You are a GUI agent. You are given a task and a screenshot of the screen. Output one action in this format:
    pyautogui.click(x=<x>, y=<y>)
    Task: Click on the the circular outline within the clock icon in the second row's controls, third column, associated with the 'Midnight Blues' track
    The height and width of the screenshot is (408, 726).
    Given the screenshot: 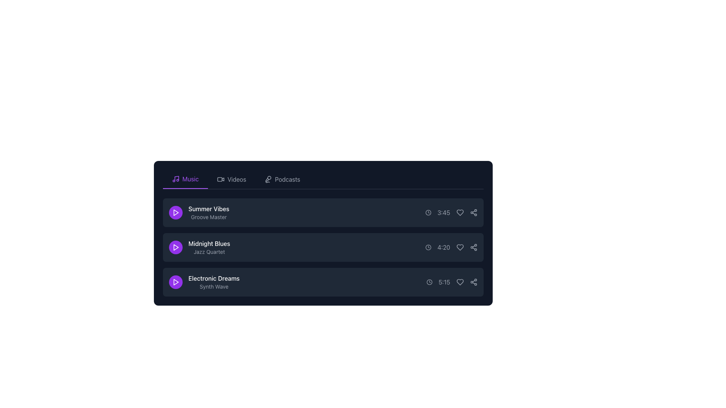 What is the action you would take?
    pyautogui.click(x=428, y=247)
    